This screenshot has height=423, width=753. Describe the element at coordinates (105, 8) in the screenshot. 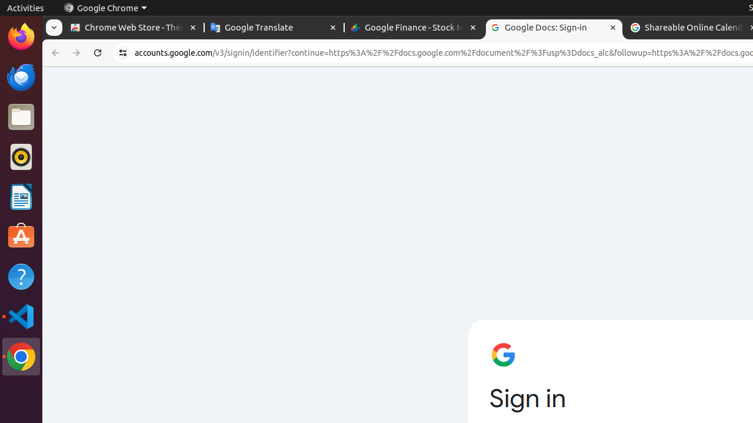

I see `'Google Chrome'` at that location.